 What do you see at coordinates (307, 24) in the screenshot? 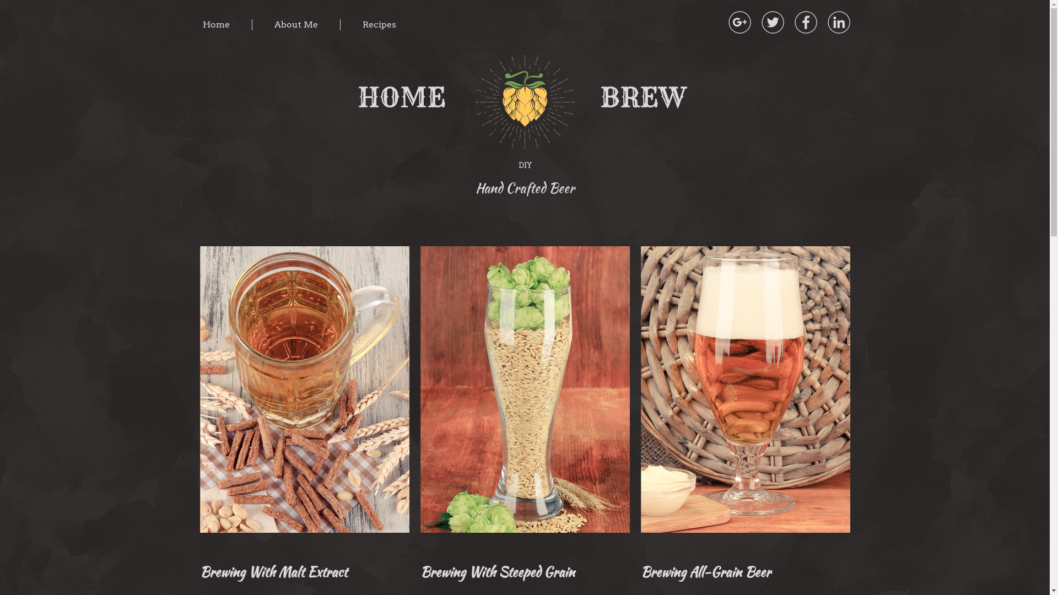
I see `'About Me'` at bounding box center [307, 24].